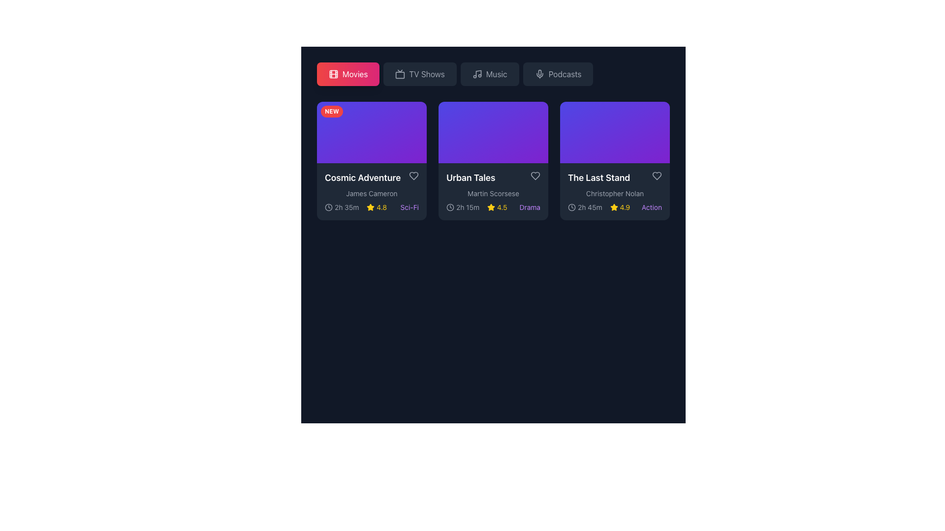 The image size is (945, 531). What do you see at coordinates (490, 73) in the screenshot?
I see `the music navigation button, which is the third button in a horizontal menu of four, located between the 'TV Shows' and 'Podcasts' buttons` at bounding box center [490, 73].